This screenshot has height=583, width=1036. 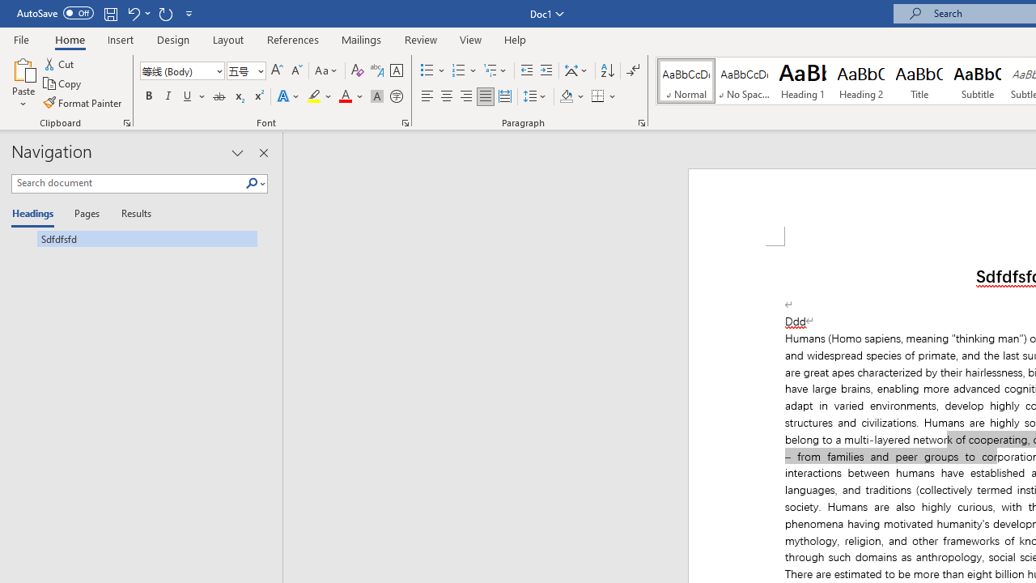 I want to click on 'Character Shading', so click(x=376, y=96).